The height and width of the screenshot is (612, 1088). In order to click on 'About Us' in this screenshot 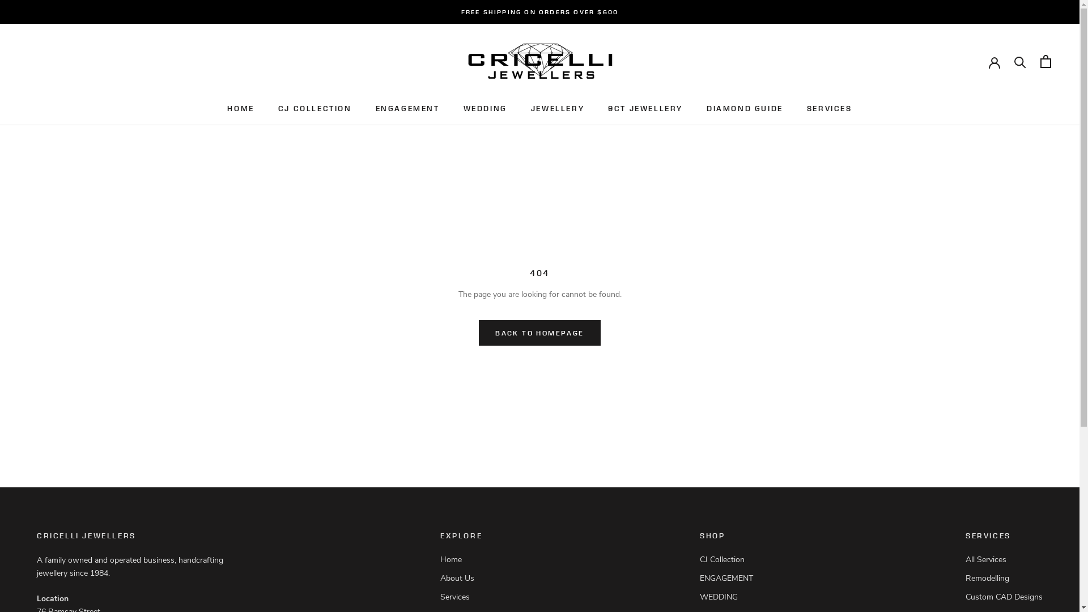, I will do `click(467, 578)`.